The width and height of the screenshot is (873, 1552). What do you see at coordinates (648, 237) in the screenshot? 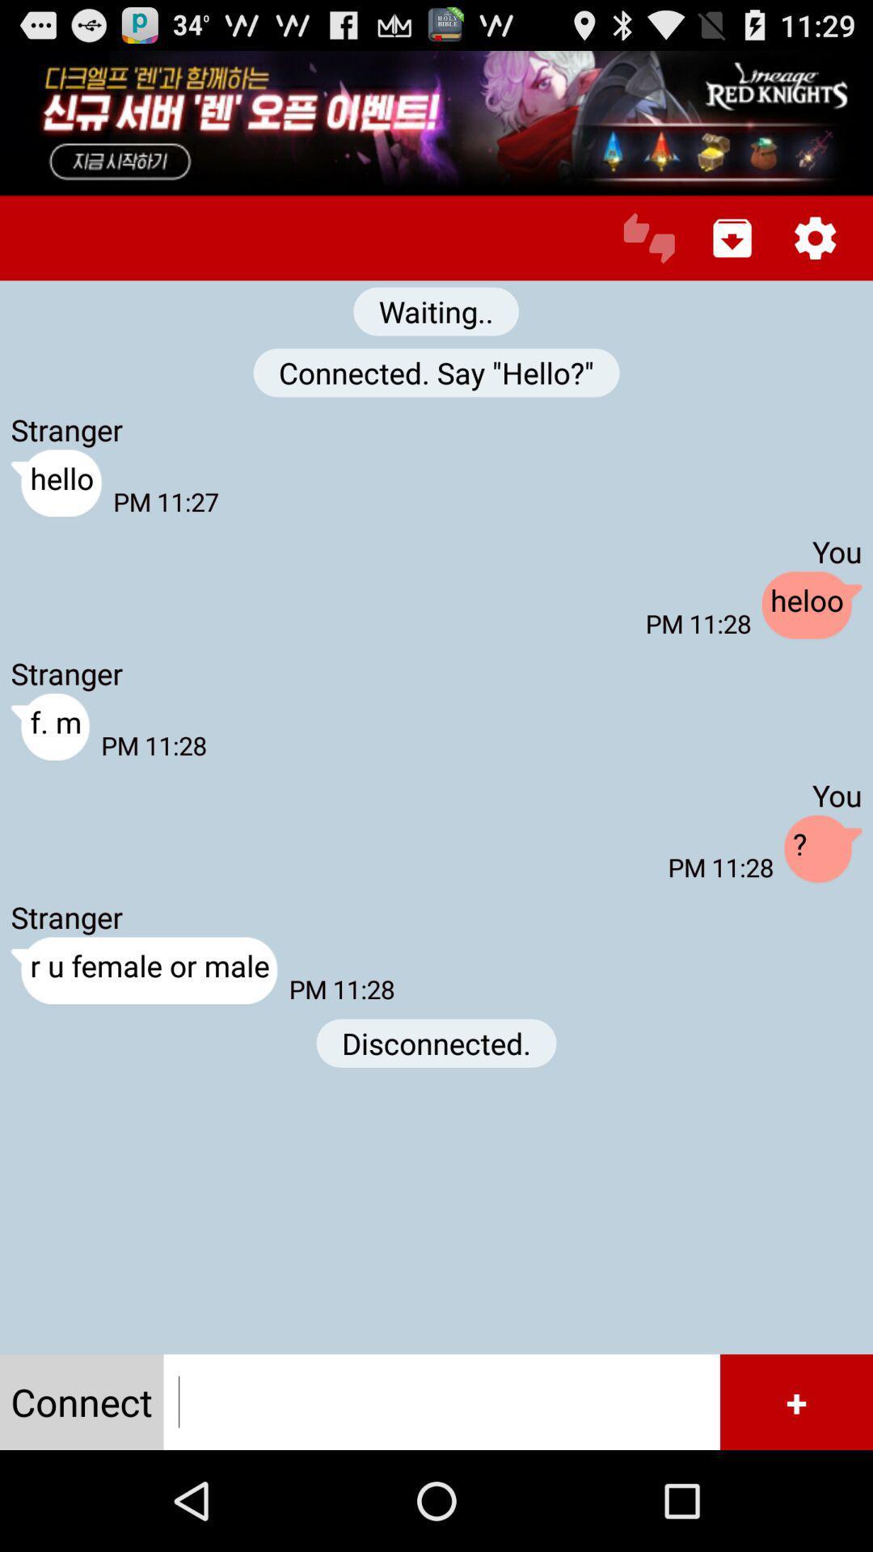
I see `rate option` at bounding box center [648, 237].